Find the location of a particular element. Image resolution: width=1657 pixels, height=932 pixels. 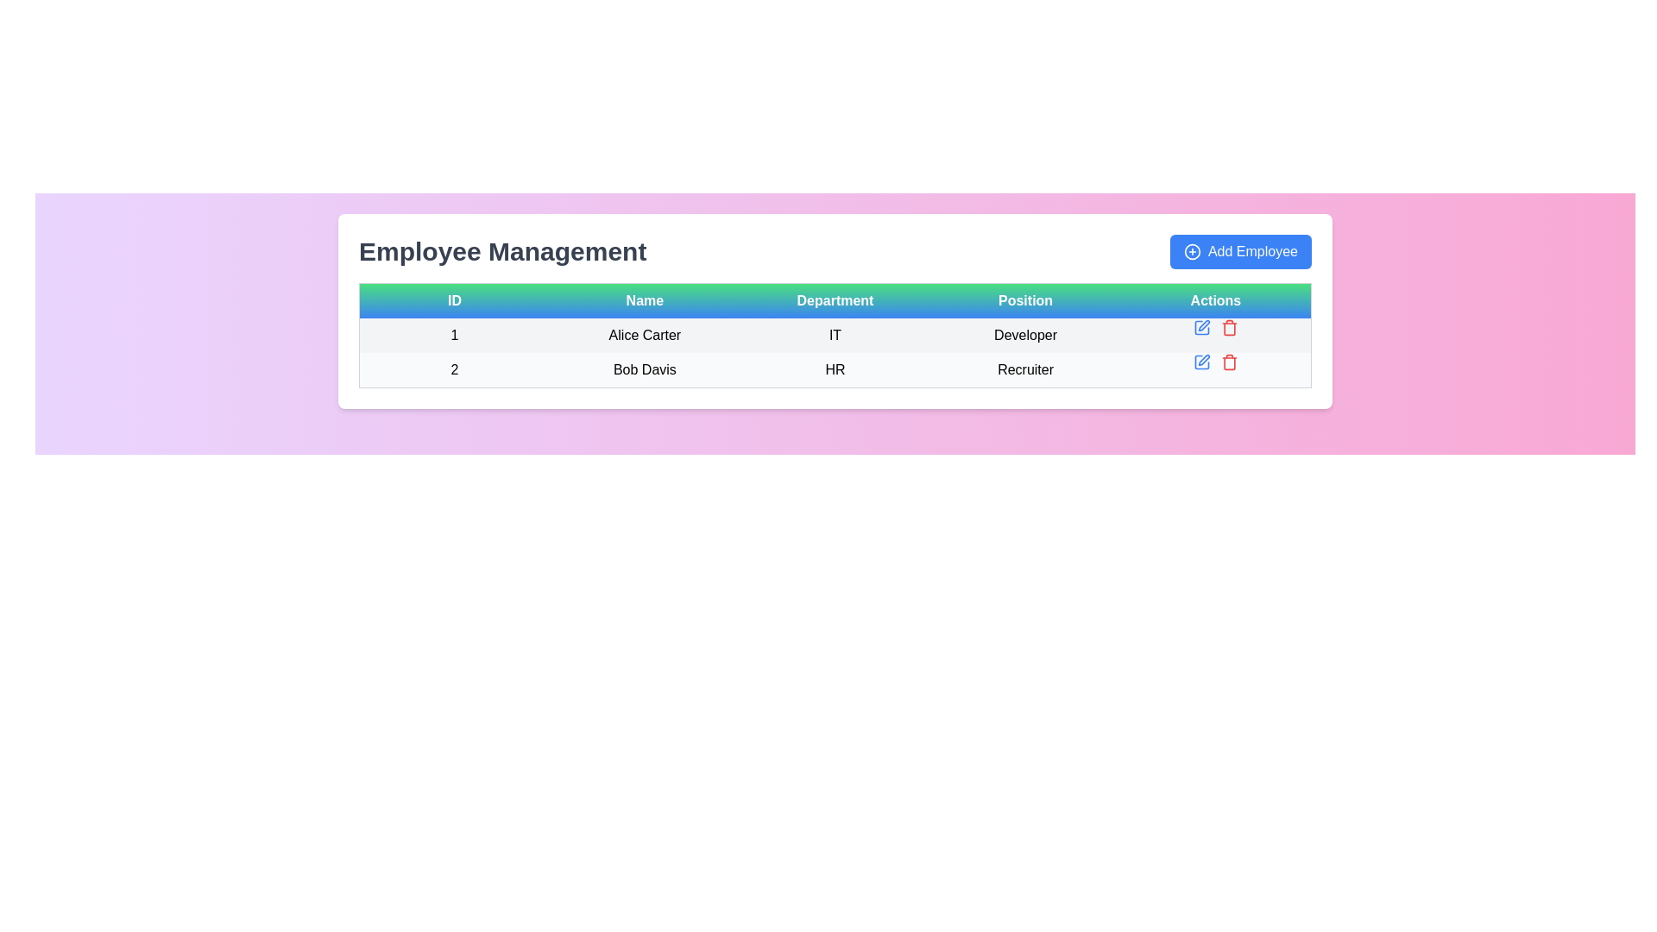

the fifth column header labeled 'Actions' in the table, which has a gradient background from green to blue and contains bold, white text is located at coordinates (1215, 299).